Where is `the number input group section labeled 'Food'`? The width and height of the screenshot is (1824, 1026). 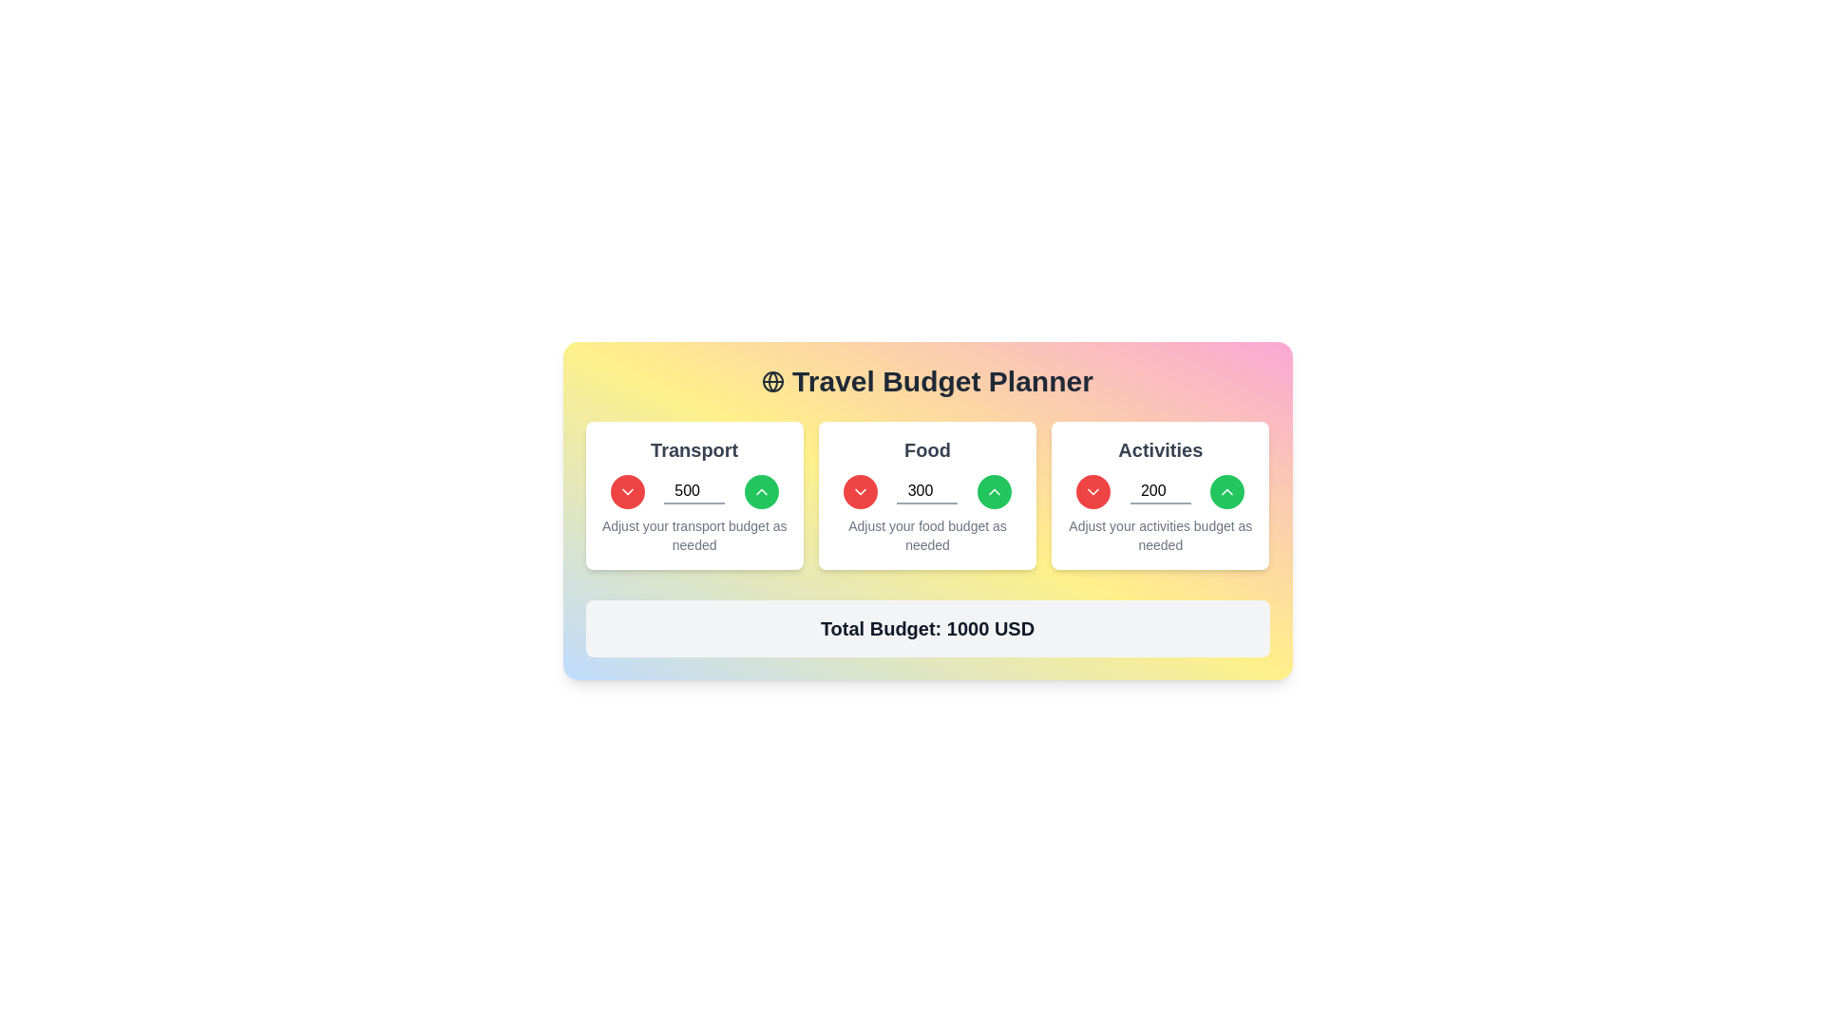
the number input group section labeled 'Food' is located at coordinates (927, 494).